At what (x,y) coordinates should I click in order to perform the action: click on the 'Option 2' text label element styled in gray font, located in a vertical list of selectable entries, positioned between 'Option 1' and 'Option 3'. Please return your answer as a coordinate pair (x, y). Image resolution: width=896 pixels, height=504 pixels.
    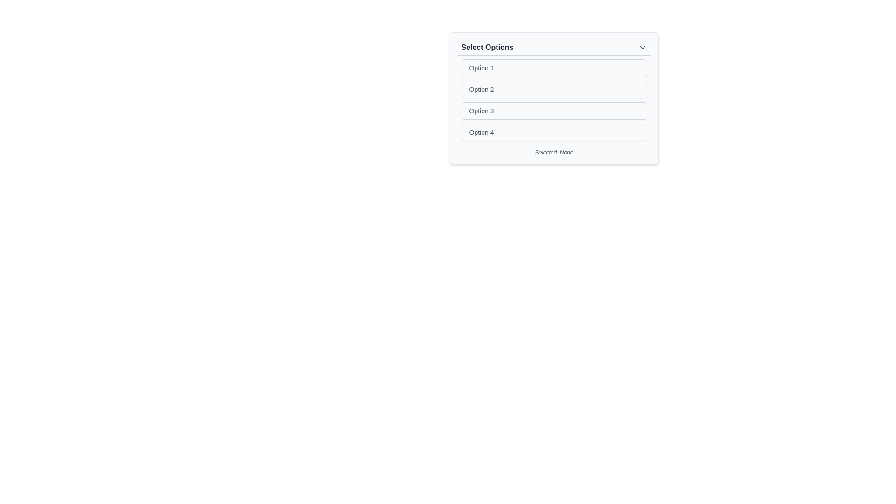
    Looking at the image, I should click on (482, 90).